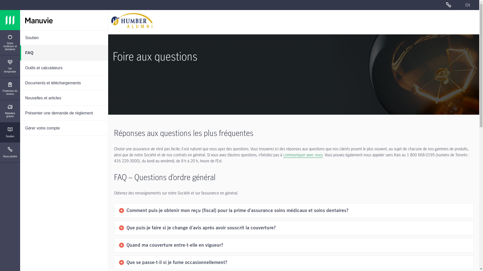  Describe the element at coordinates (10, 111) in the screenshot. I see `'Maladies graves'` at that location.